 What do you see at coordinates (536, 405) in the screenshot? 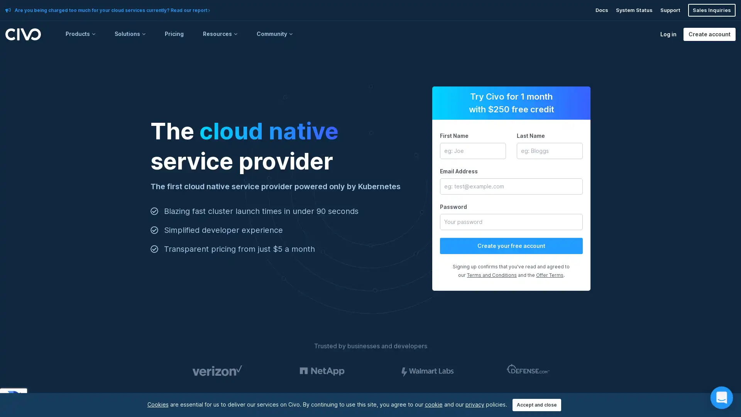
I see `Accept and close` at bounding box center [536, 405].